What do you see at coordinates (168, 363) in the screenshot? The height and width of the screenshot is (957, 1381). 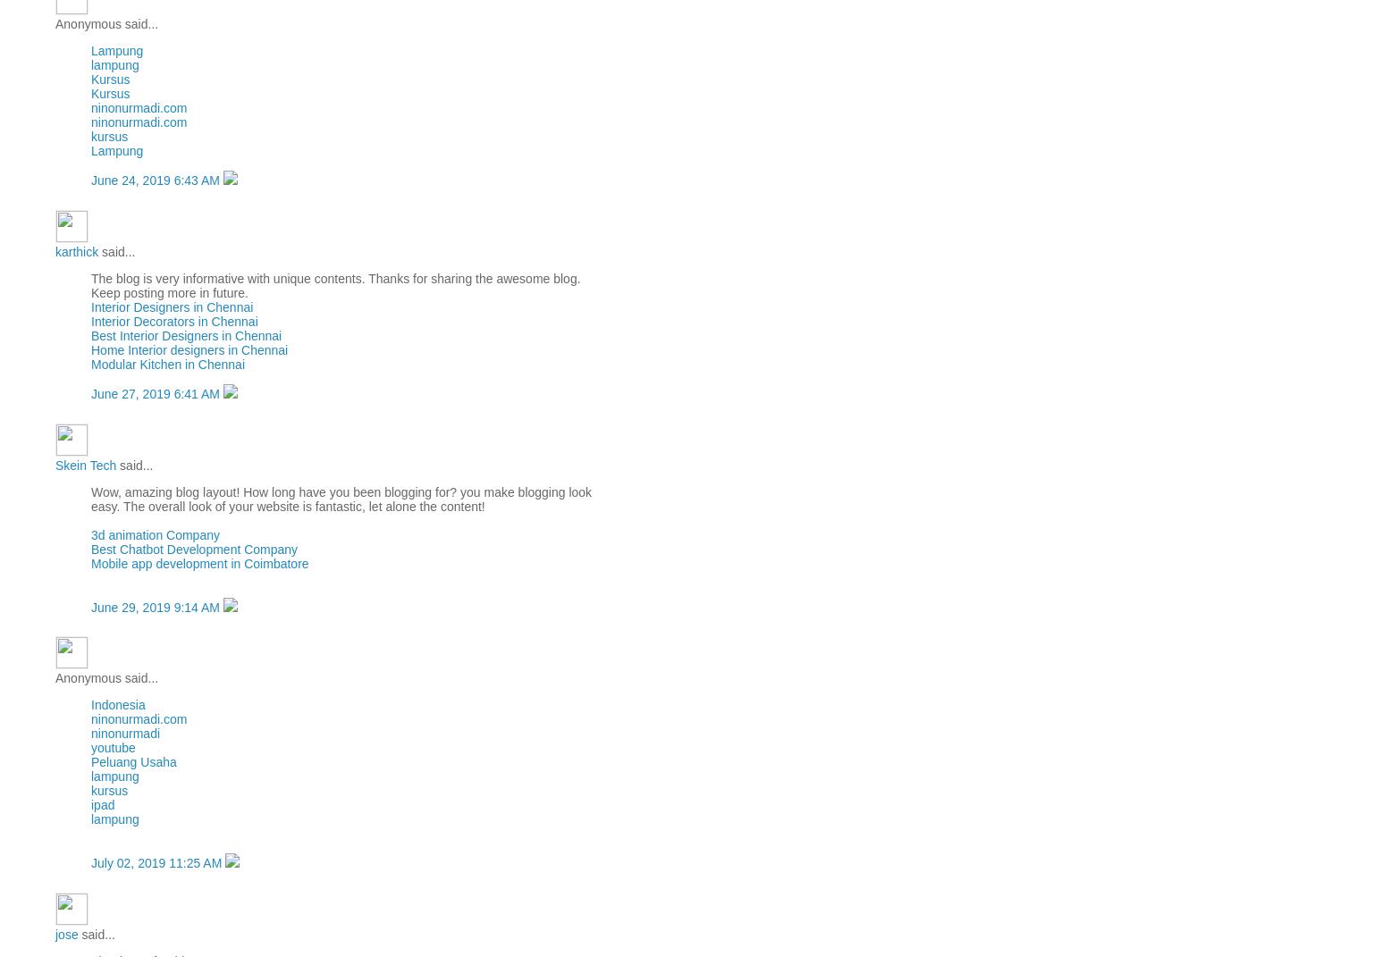 I see `'Modular Kitchen in Chennai'` at bounding box center [168, 363].